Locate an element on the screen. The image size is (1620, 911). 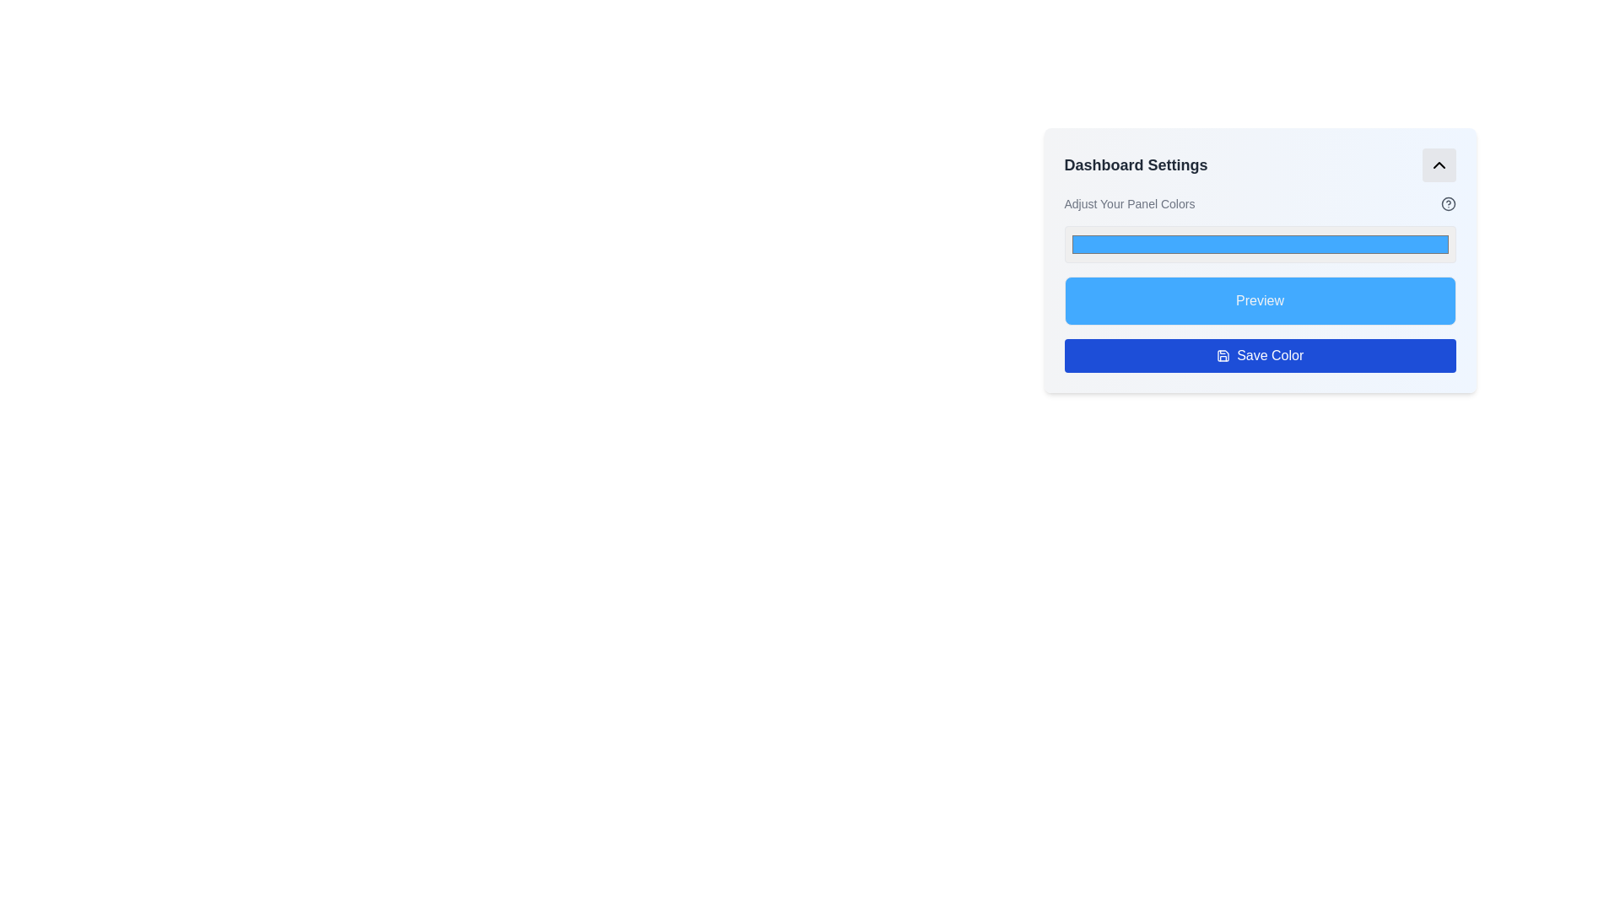
the color is located at coordinates (1260, 244).